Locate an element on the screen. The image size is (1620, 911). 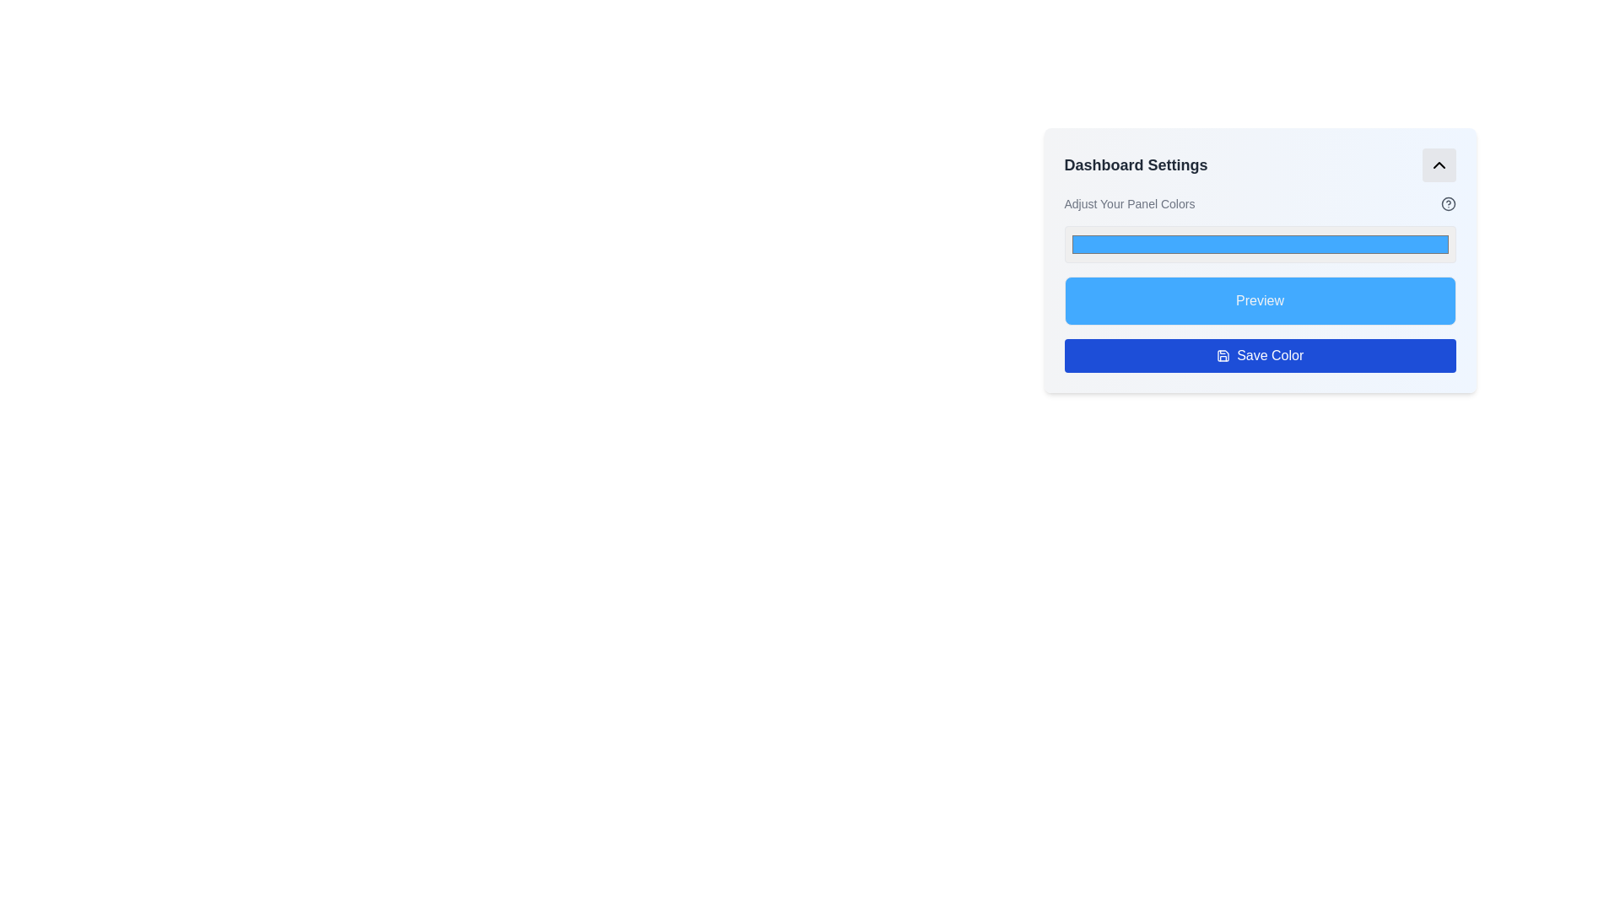
the color is located at coordinates (1260, 244).